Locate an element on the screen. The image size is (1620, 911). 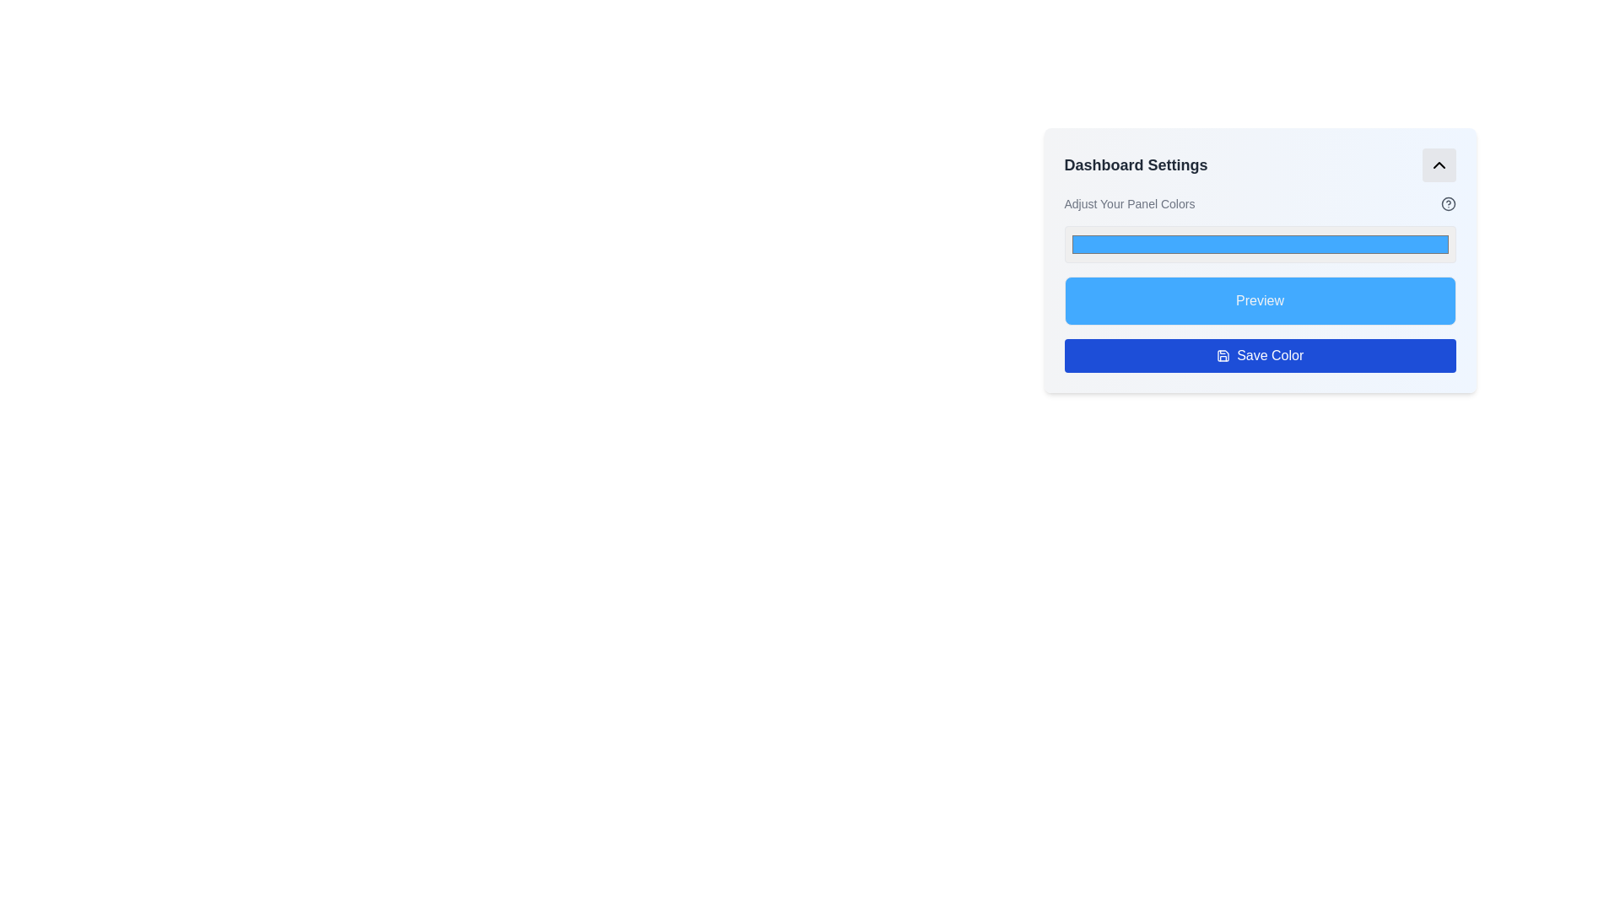
the color is located at coordinates (1260, 244).